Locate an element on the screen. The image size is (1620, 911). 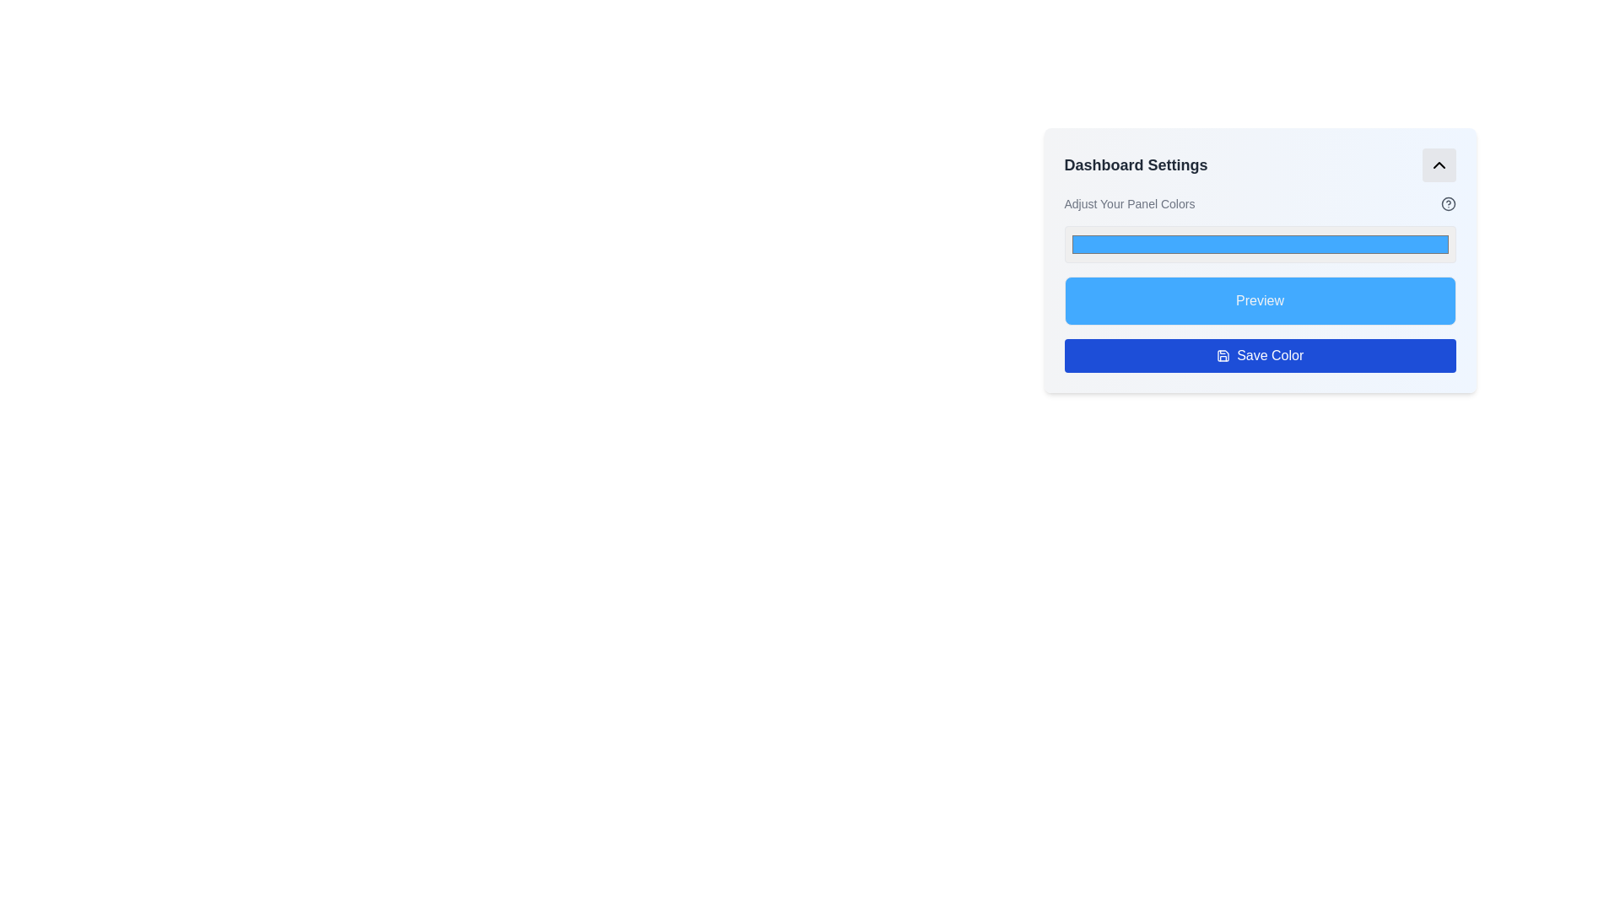
the color is located at coordinates (1260, 244).